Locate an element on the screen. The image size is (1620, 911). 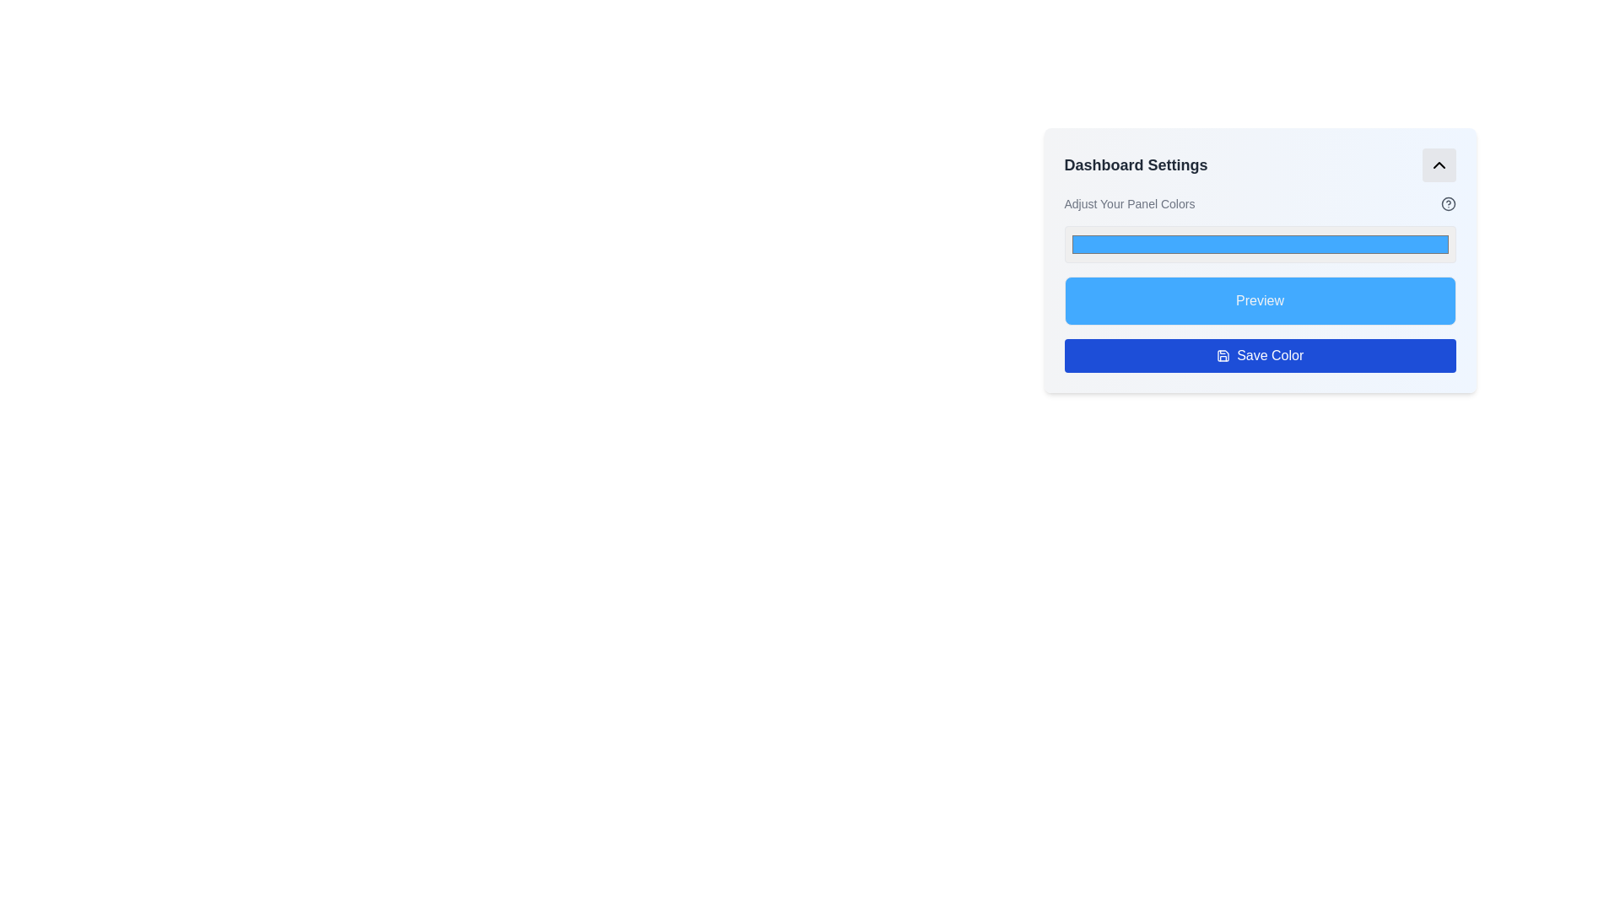
the color is located at coordinates (1260, 244).